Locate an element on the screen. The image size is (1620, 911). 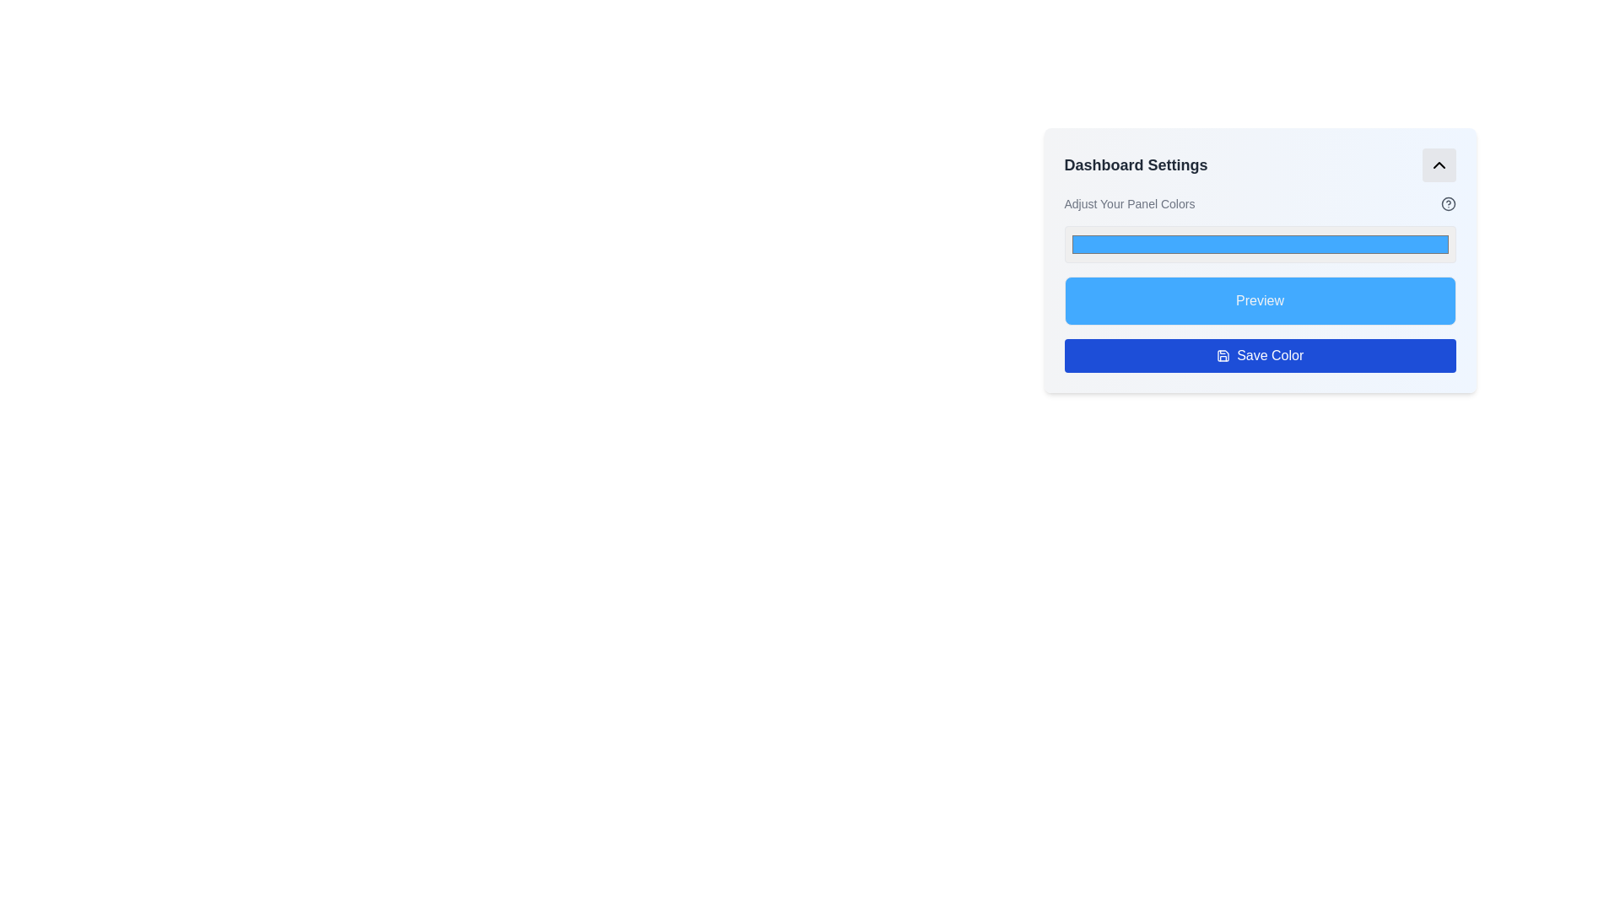
the color is located at coordinates (1260, 244).